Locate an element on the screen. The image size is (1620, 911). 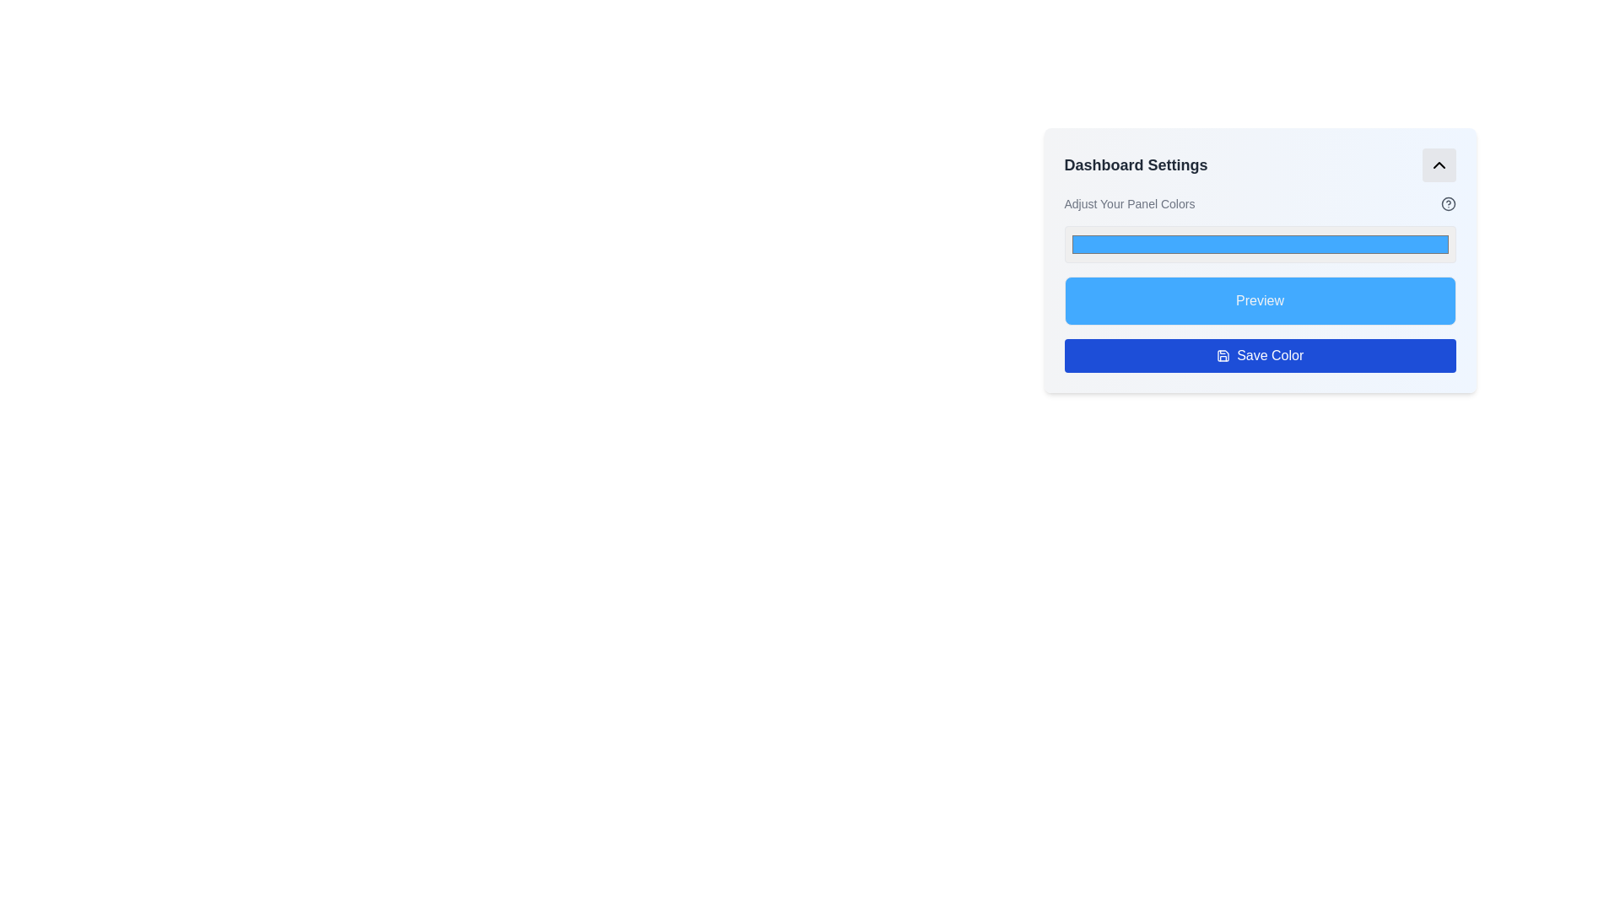
the color is located at coordinates (1260, 244).